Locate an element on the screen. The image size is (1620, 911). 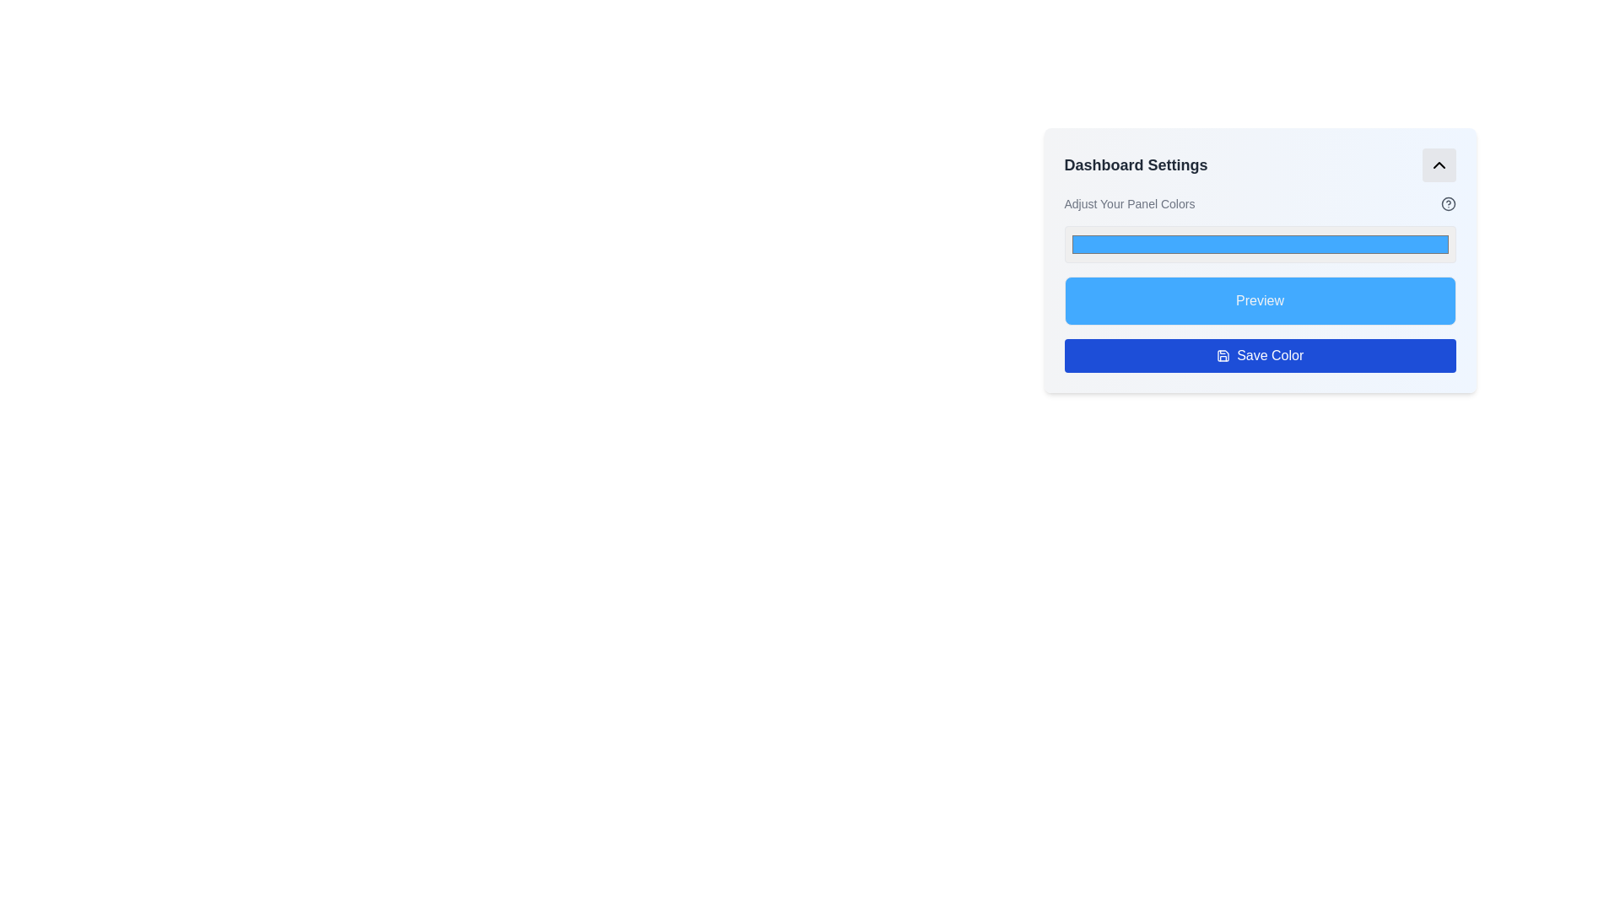
the color is located at coordinates (1260, 244).